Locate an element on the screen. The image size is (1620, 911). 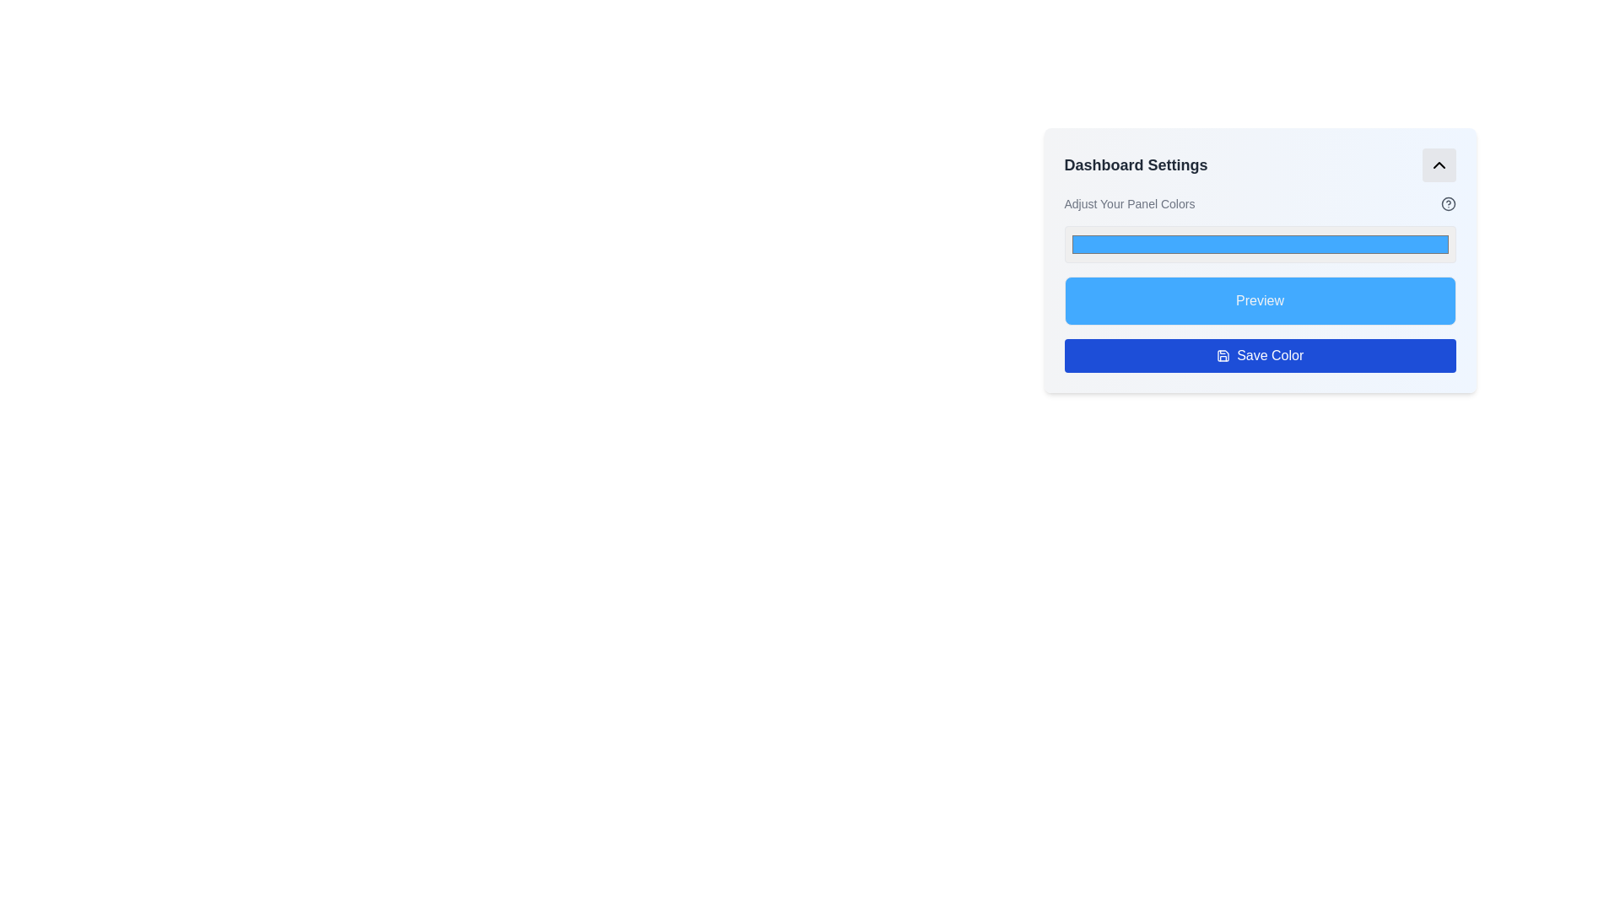
the color is located at coordinates (1260, 244).